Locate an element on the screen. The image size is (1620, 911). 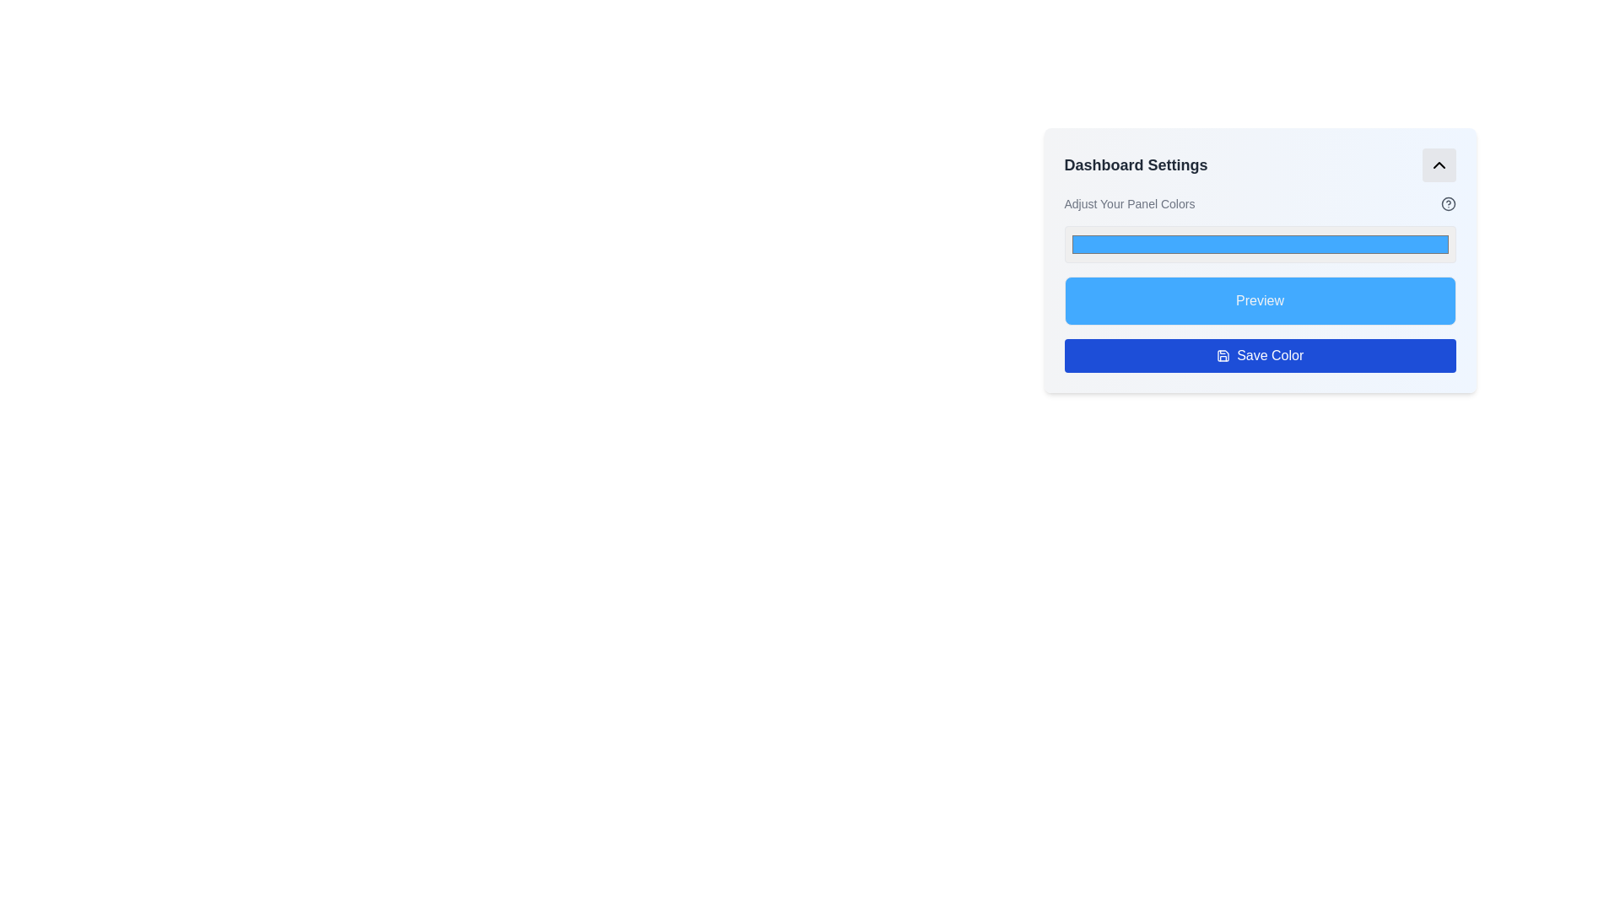
the color is located at coordinates (1260, 244).